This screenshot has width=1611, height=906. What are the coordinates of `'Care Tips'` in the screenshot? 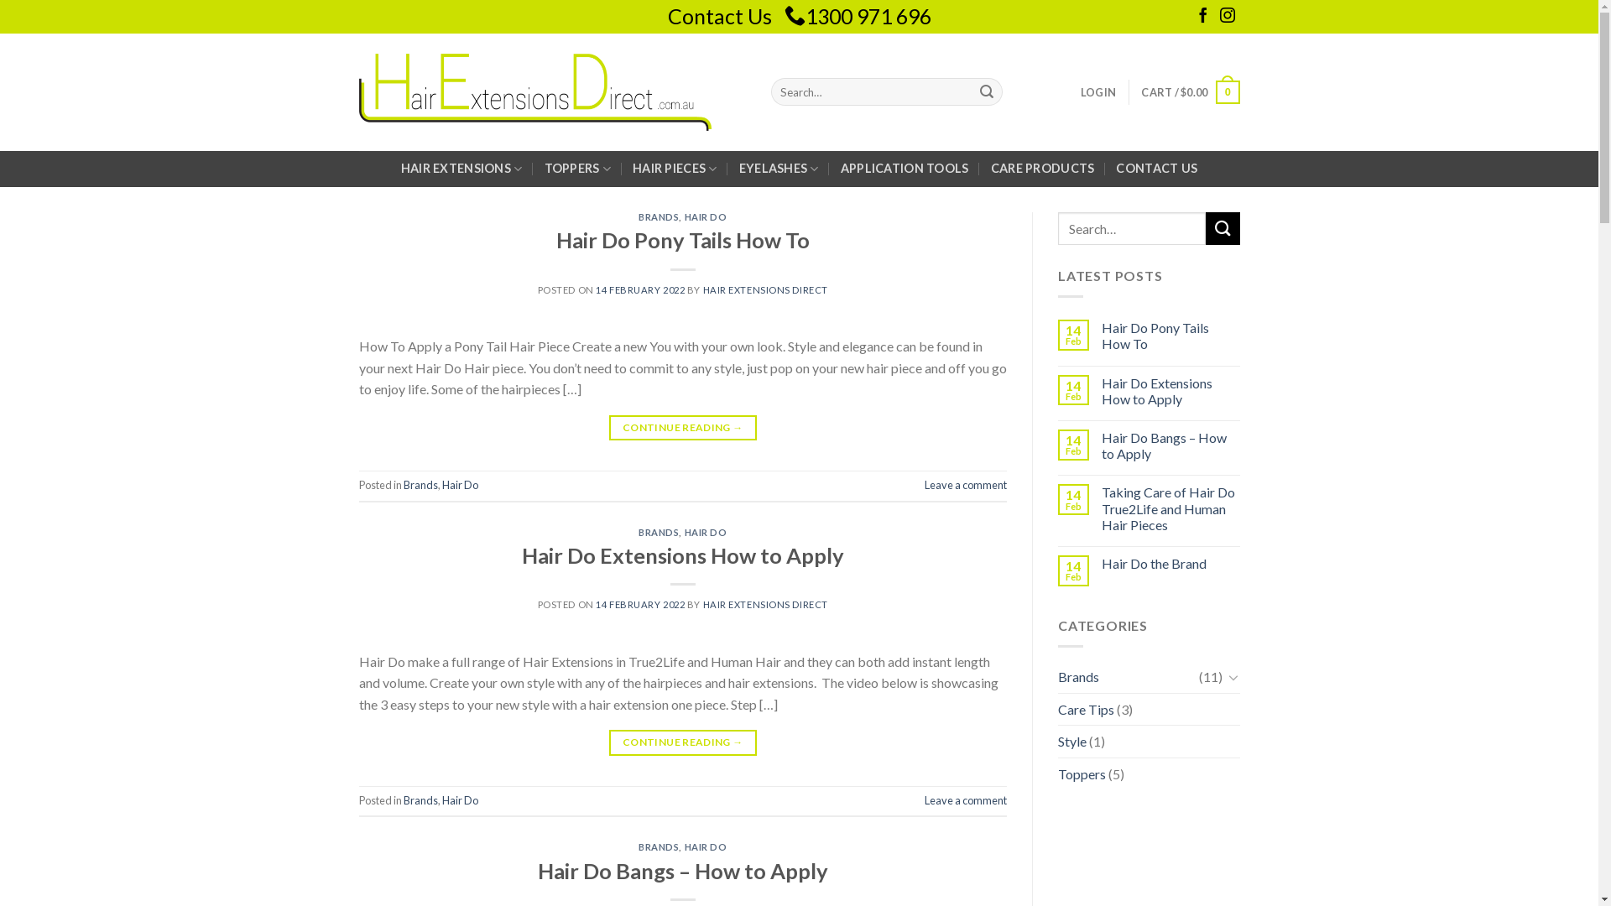 It's located at (1057, 709).